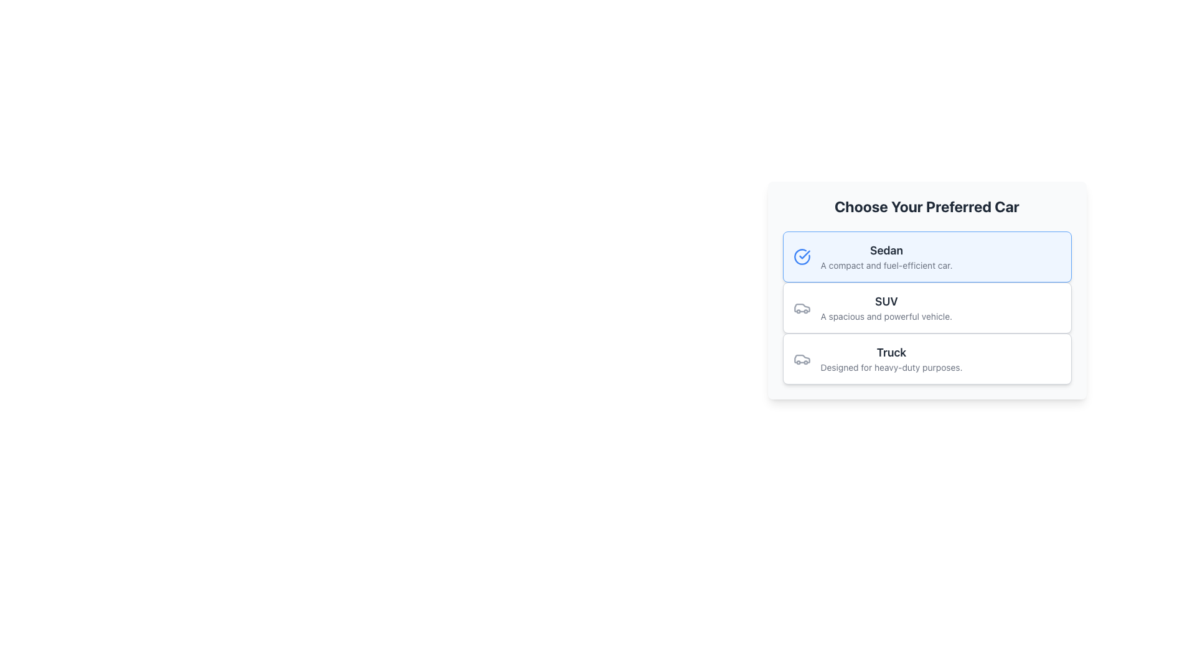  What do you see at coordinates (802, 359) in the screenshot?
I see `the car icon located within the card labeled 'Truck Designed for heavy-duty purposes,' positioned to the left of the text content` at bounding box center [802, 359].